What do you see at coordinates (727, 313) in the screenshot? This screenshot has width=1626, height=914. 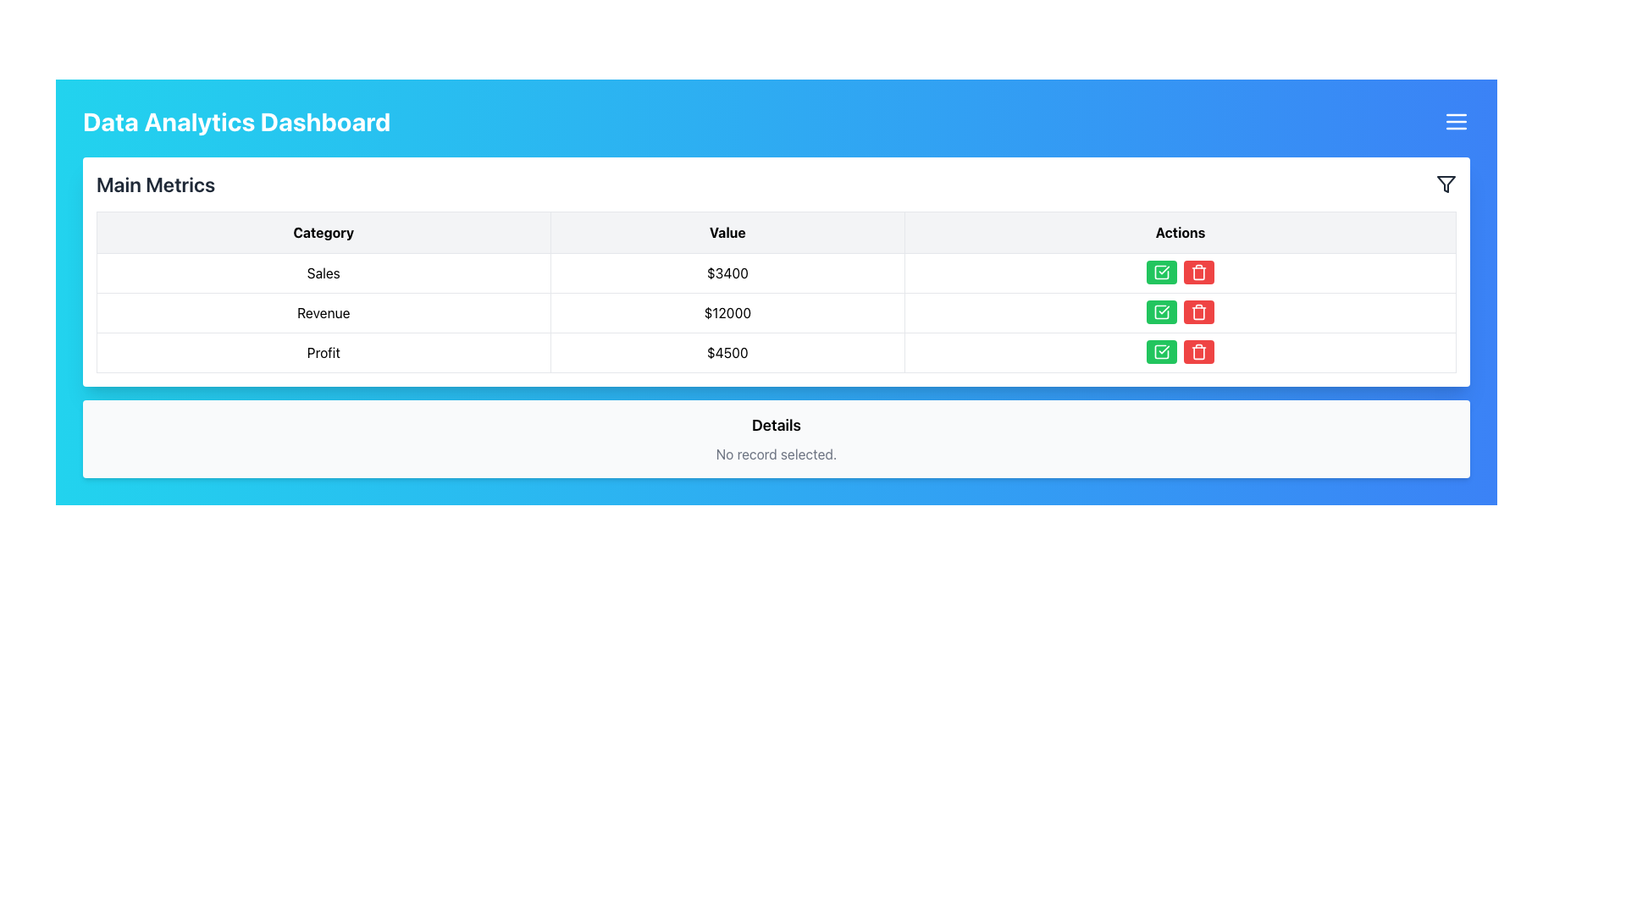 I see `displayed revenue value in the 'Value' column of the second row of the financial metrics table, adjacent to the 'Revenue' label` at bounding box center [727, 313].